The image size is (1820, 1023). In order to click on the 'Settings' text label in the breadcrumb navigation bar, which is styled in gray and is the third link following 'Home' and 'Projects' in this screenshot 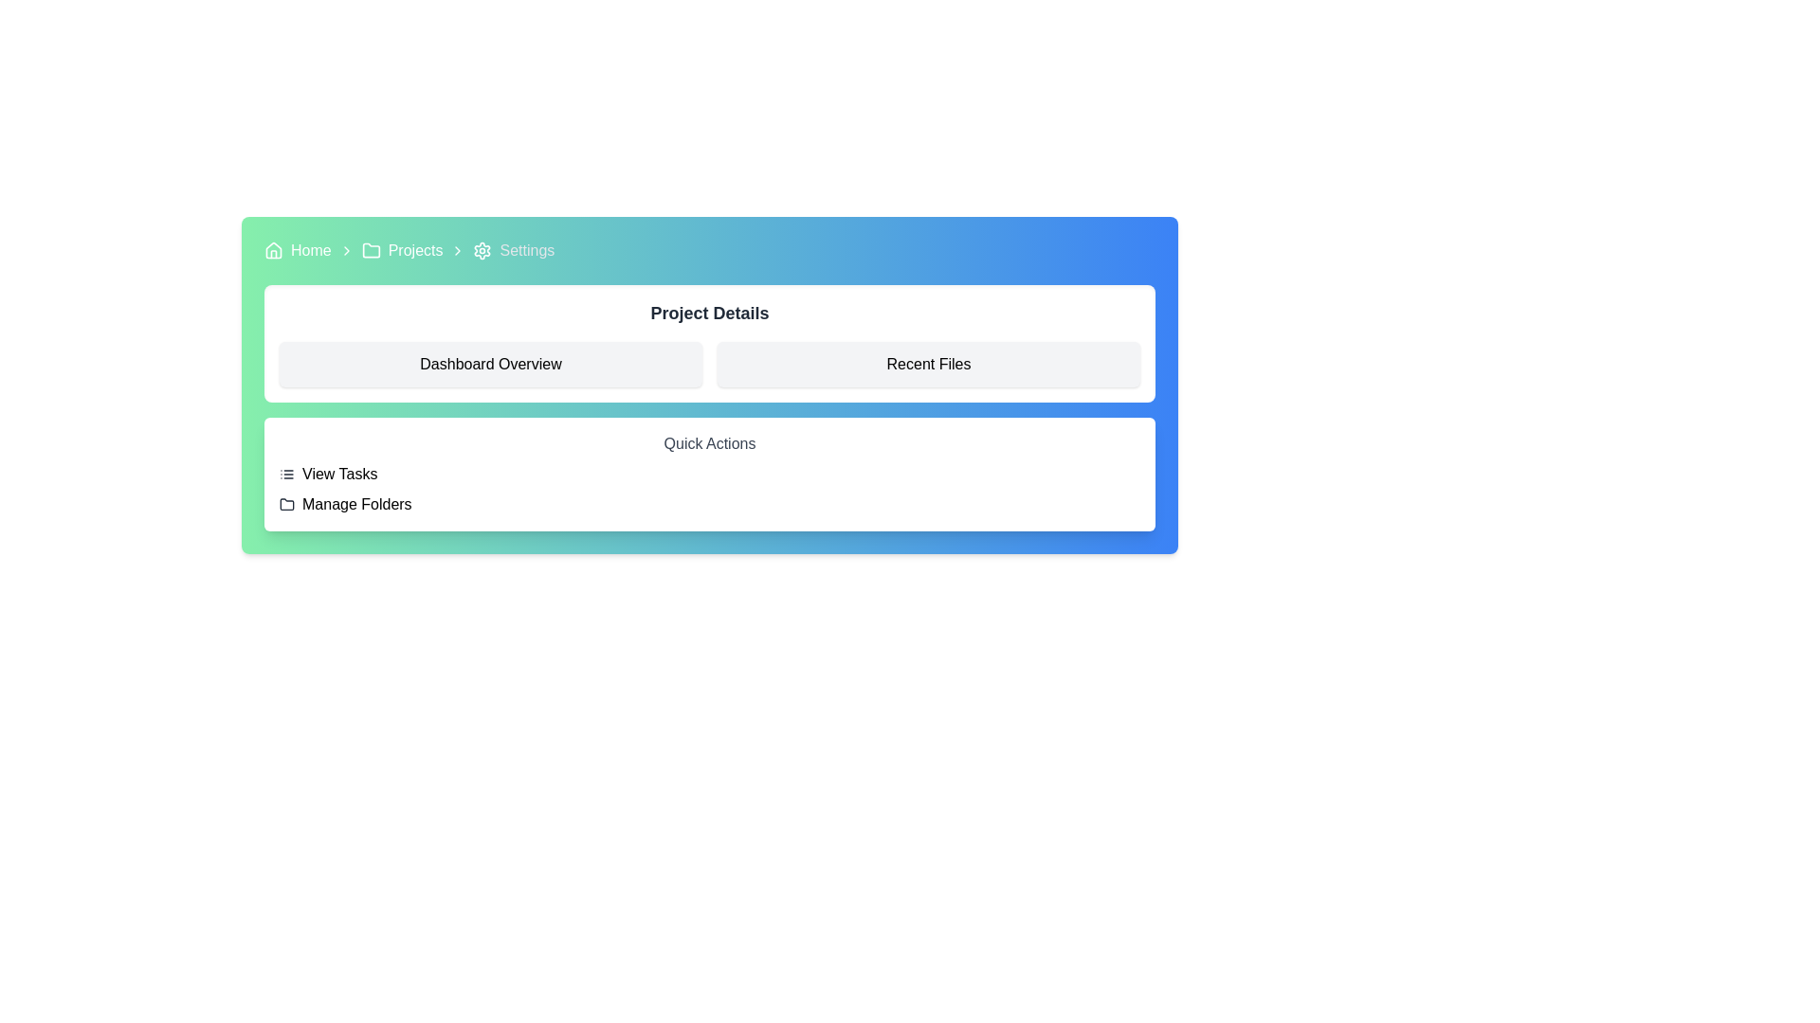, I will do `click(527, 250)`.